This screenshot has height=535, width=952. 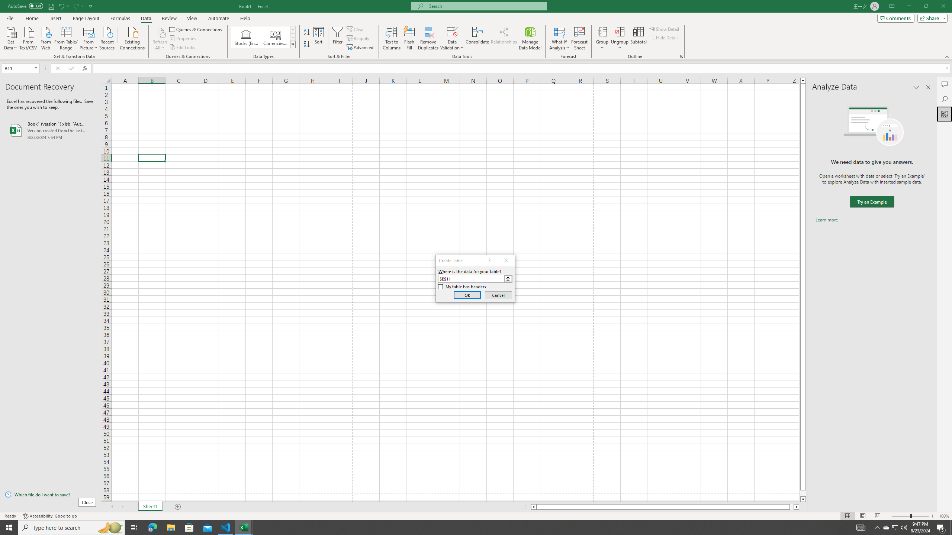 What do you see at coordinates (391, 38) in the screenshot?
I see `'Text to Columns...'` at bounding box center [391, 38].